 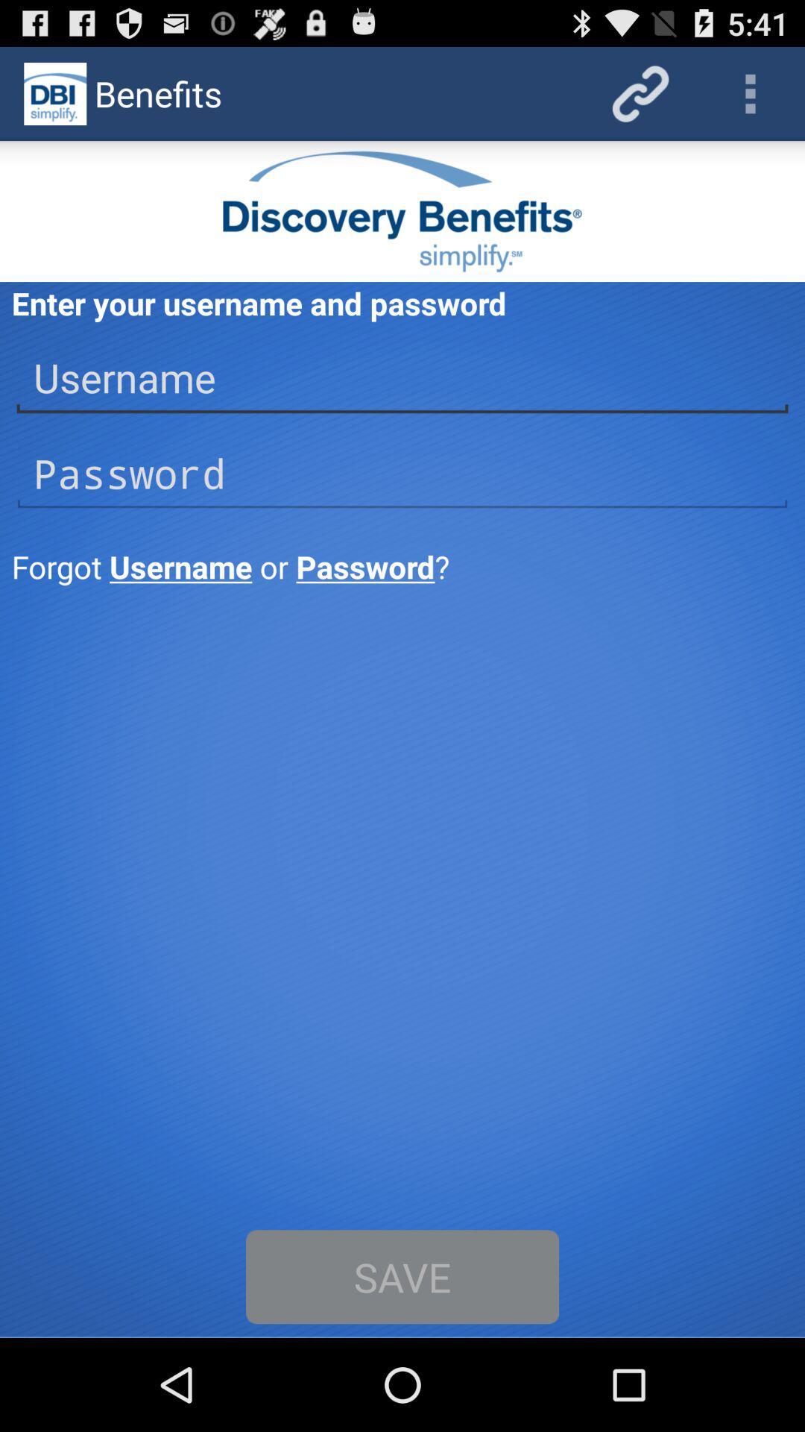 What do you see at coordinates (54, 92) in the screenshot?
I see `the logo left to benefits` at bounding box center [54, 92].